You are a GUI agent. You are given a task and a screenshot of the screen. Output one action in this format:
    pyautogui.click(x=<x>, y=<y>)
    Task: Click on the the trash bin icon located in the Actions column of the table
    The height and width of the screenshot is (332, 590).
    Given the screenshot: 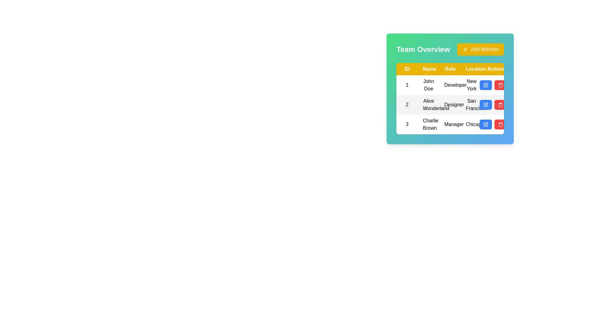 What is the action you would take?
    pyautogui.click(x=500, y=124)
    